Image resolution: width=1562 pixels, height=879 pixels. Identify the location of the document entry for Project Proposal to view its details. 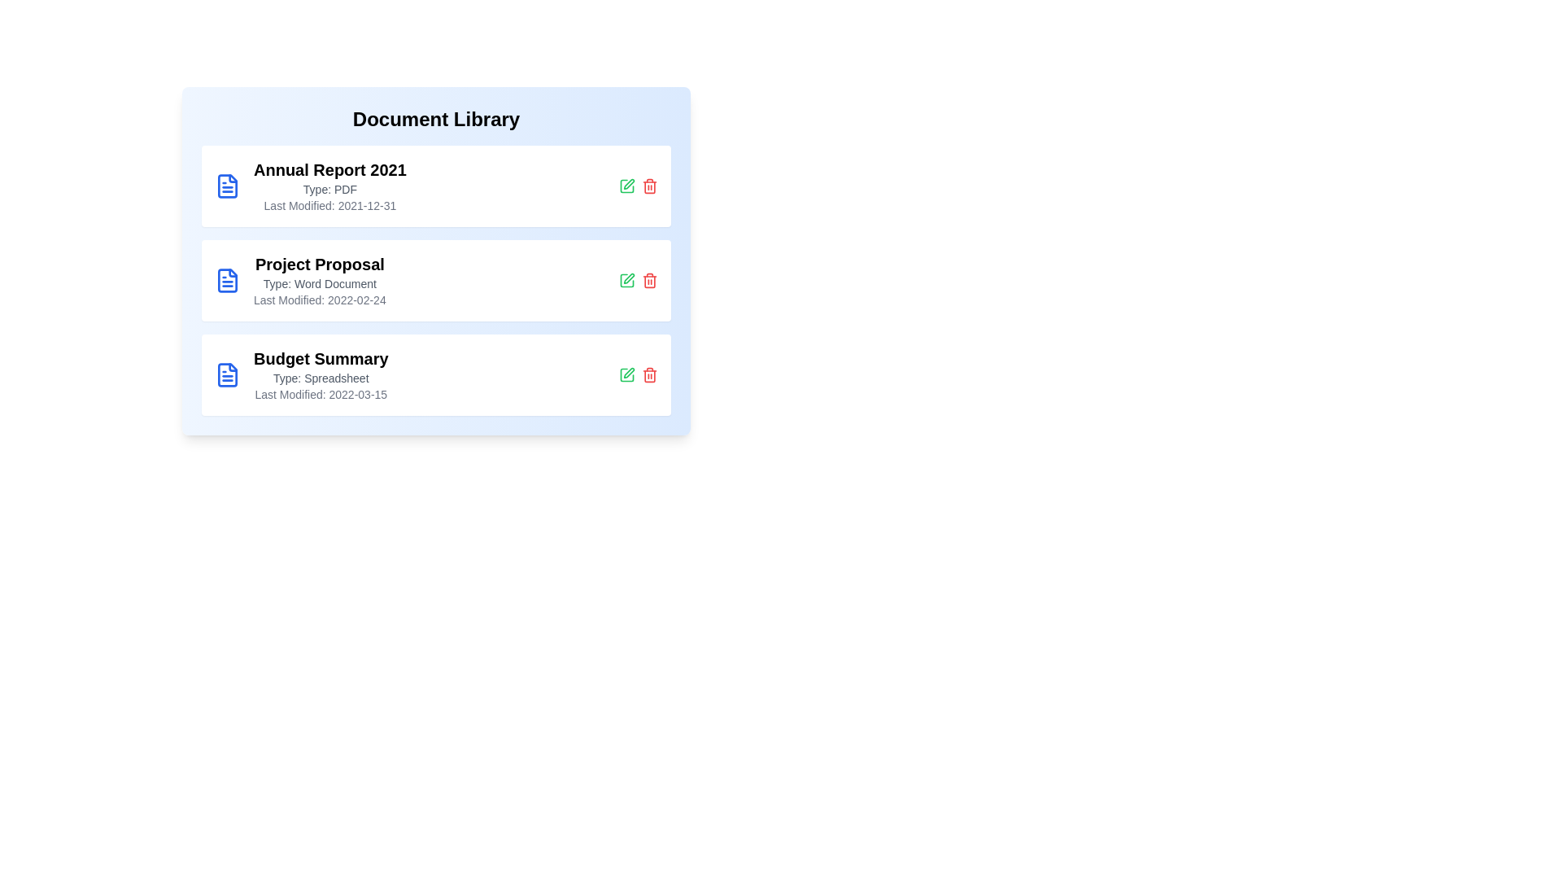
(436, 279).